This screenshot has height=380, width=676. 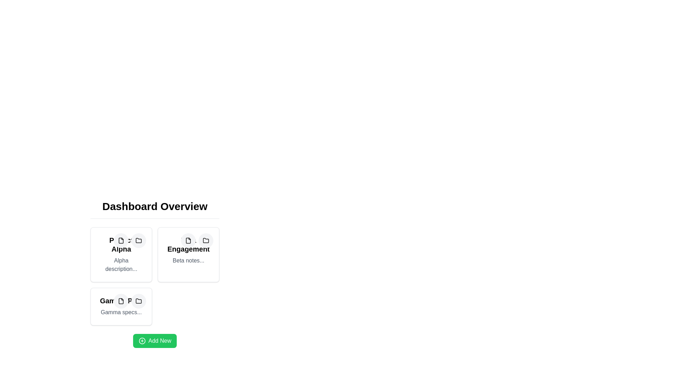 I want to click on the file/document icon located in the lower-left card of the dashboard titled 'Gamma specs...', positioned towards the left within the card, so click(x=121, y=301).